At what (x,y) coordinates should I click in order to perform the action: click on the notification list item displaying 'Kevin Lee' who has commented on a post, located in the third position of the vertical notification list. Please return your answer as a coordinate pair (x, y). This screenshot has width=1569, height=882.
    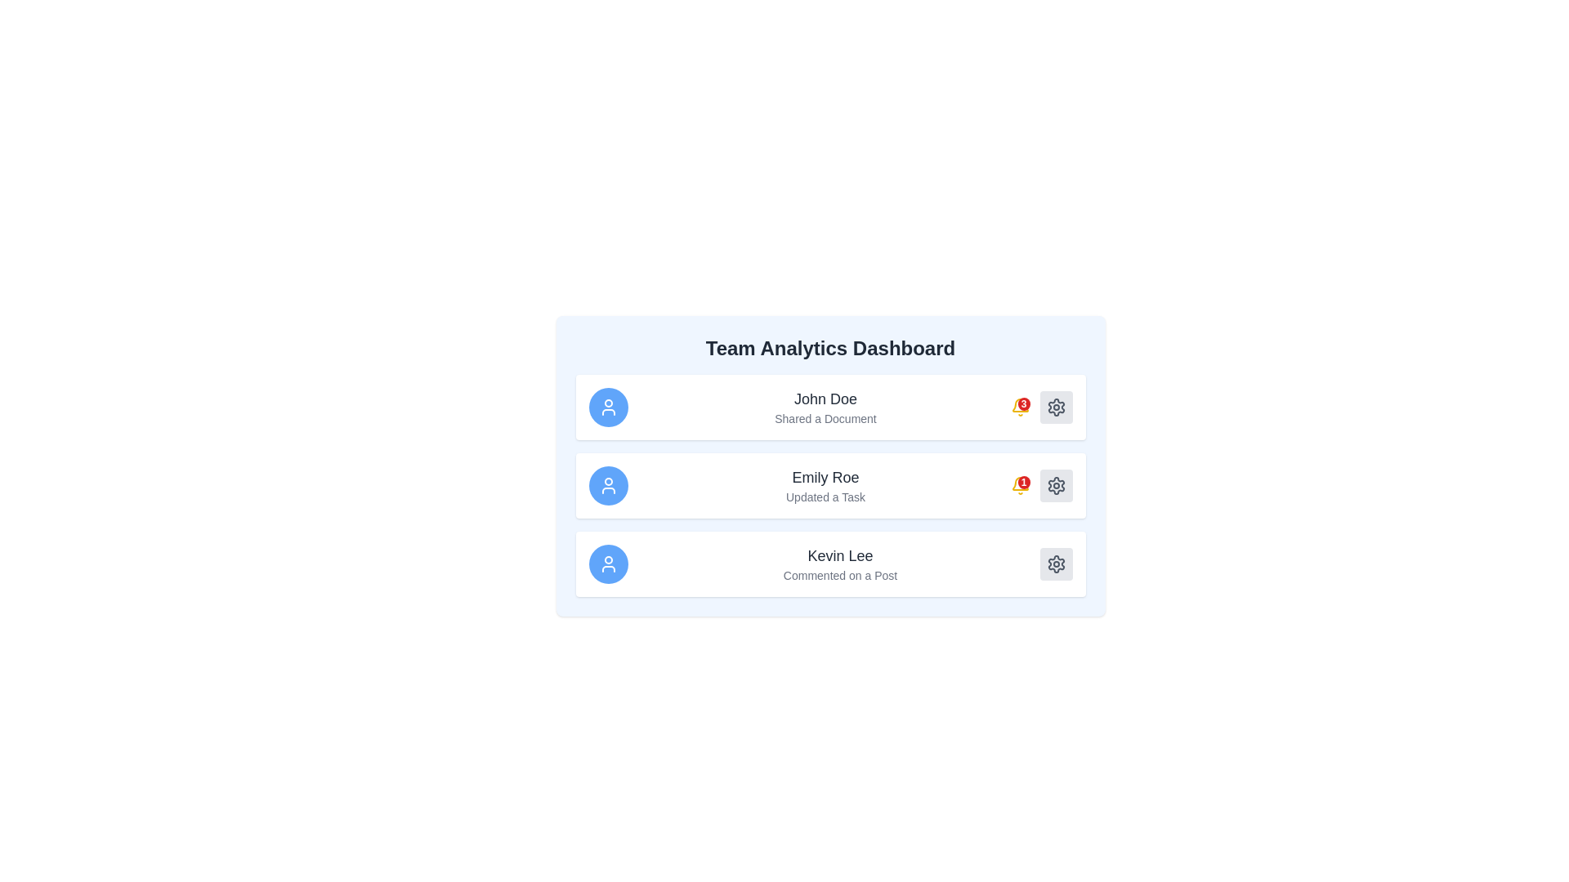
    Looking at the image, I should click on (840, 563).